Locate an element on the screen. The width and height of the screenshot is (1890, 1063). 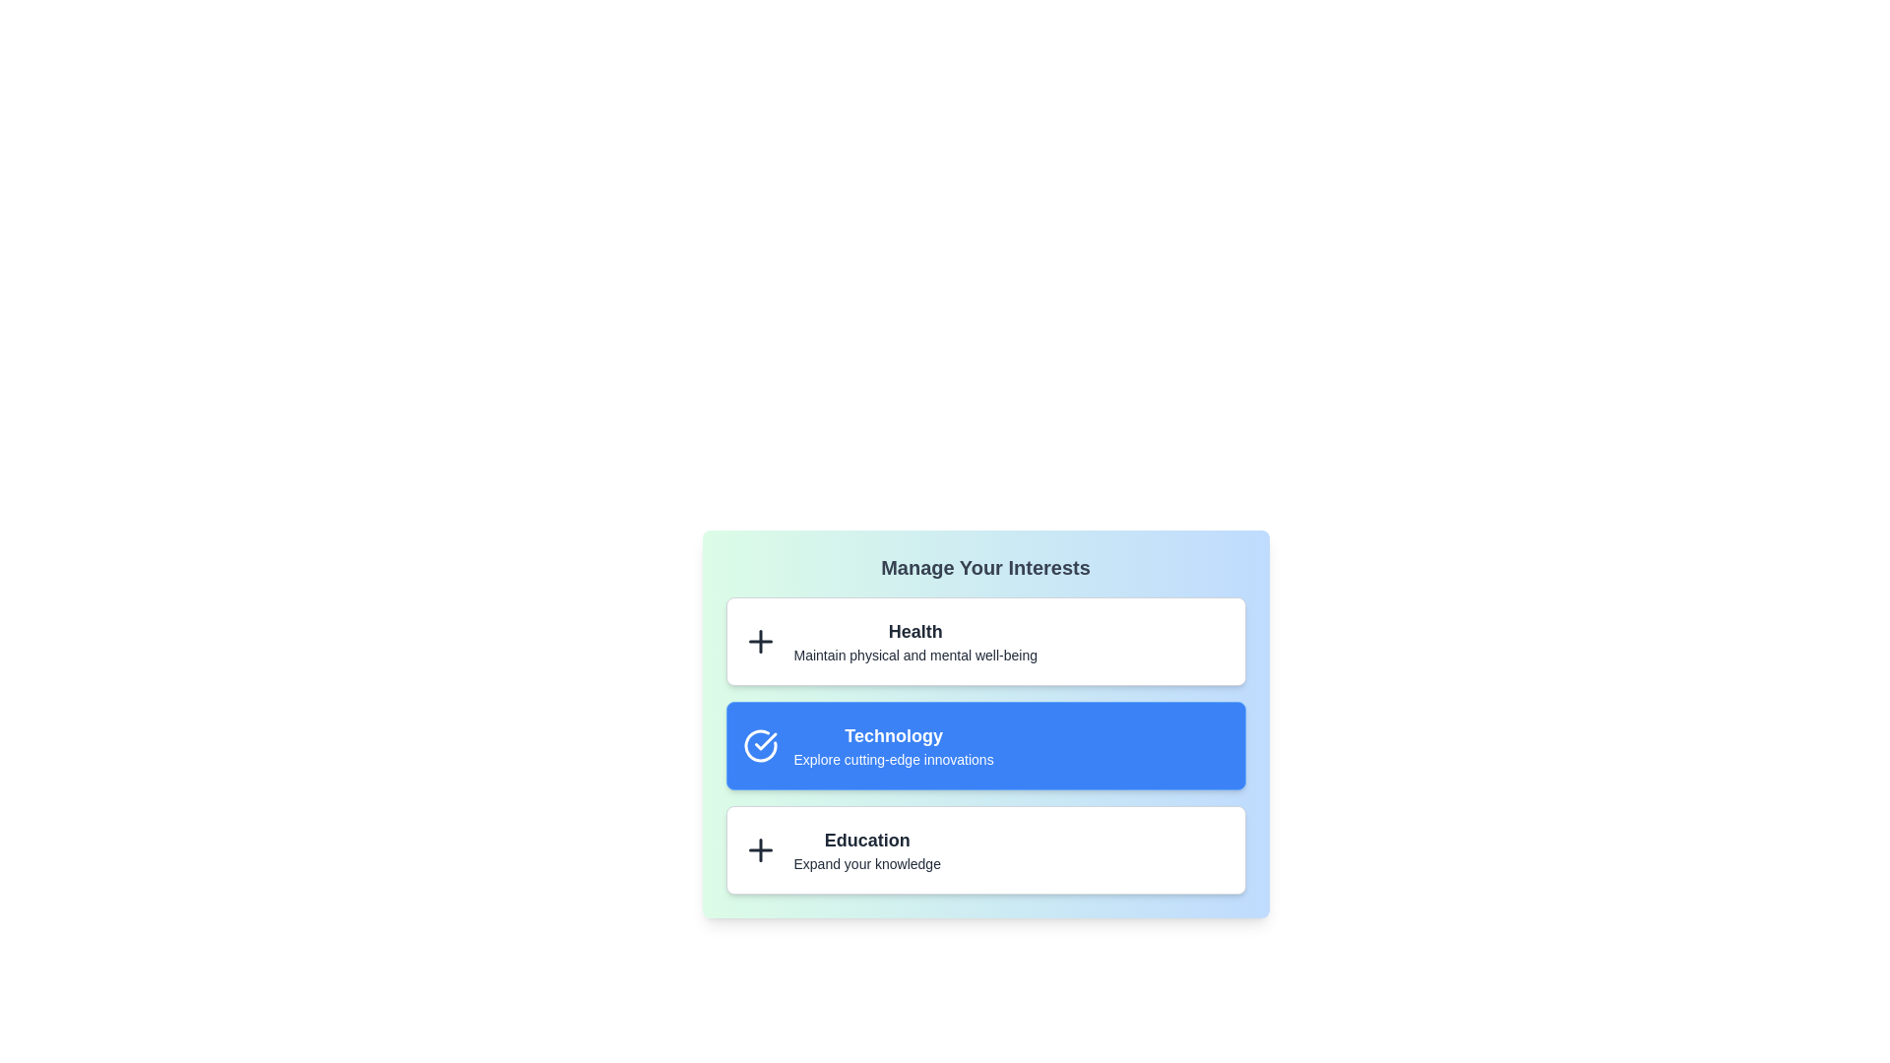
the interest item Technology by clicking on it is located at coordinates (985, 746).